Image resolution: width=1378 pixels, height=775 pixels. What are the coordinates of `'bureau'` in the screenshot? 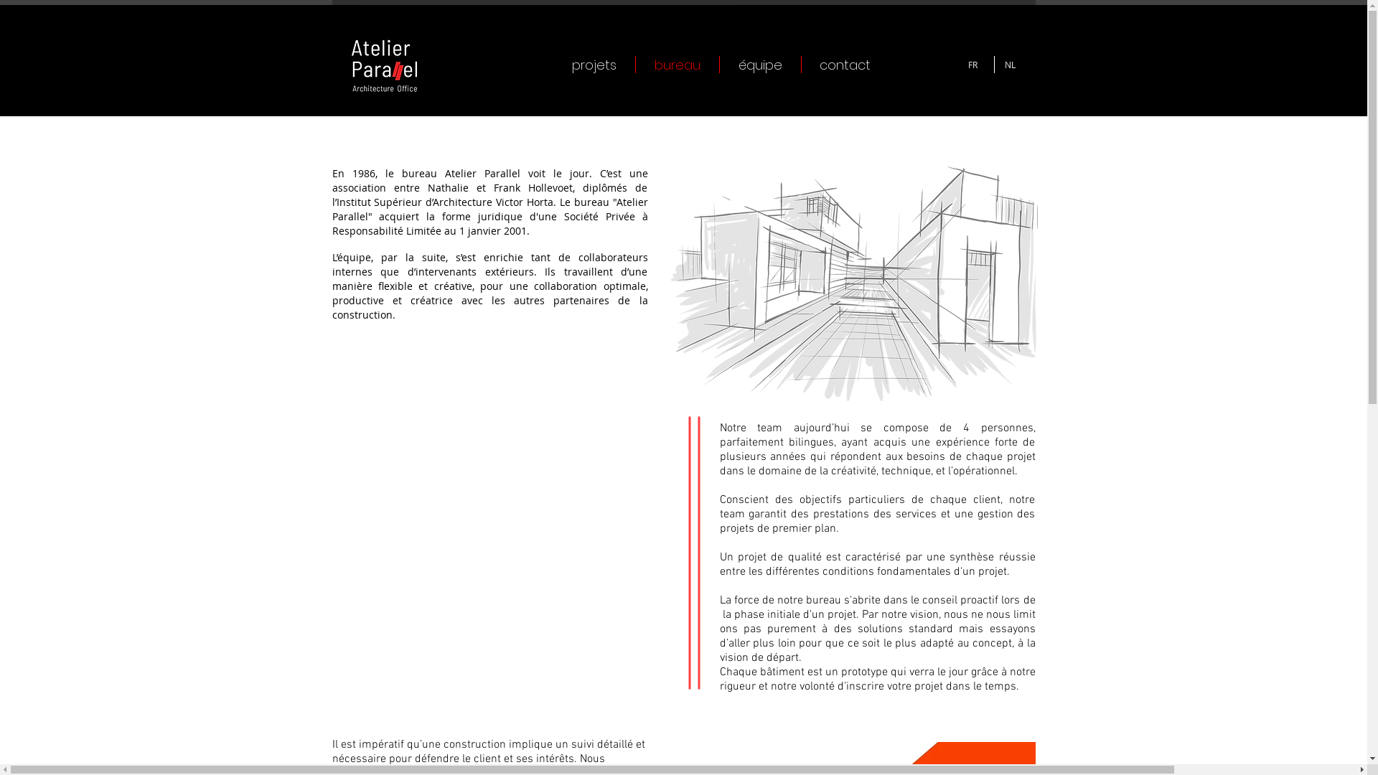 It's located at (677, 63).